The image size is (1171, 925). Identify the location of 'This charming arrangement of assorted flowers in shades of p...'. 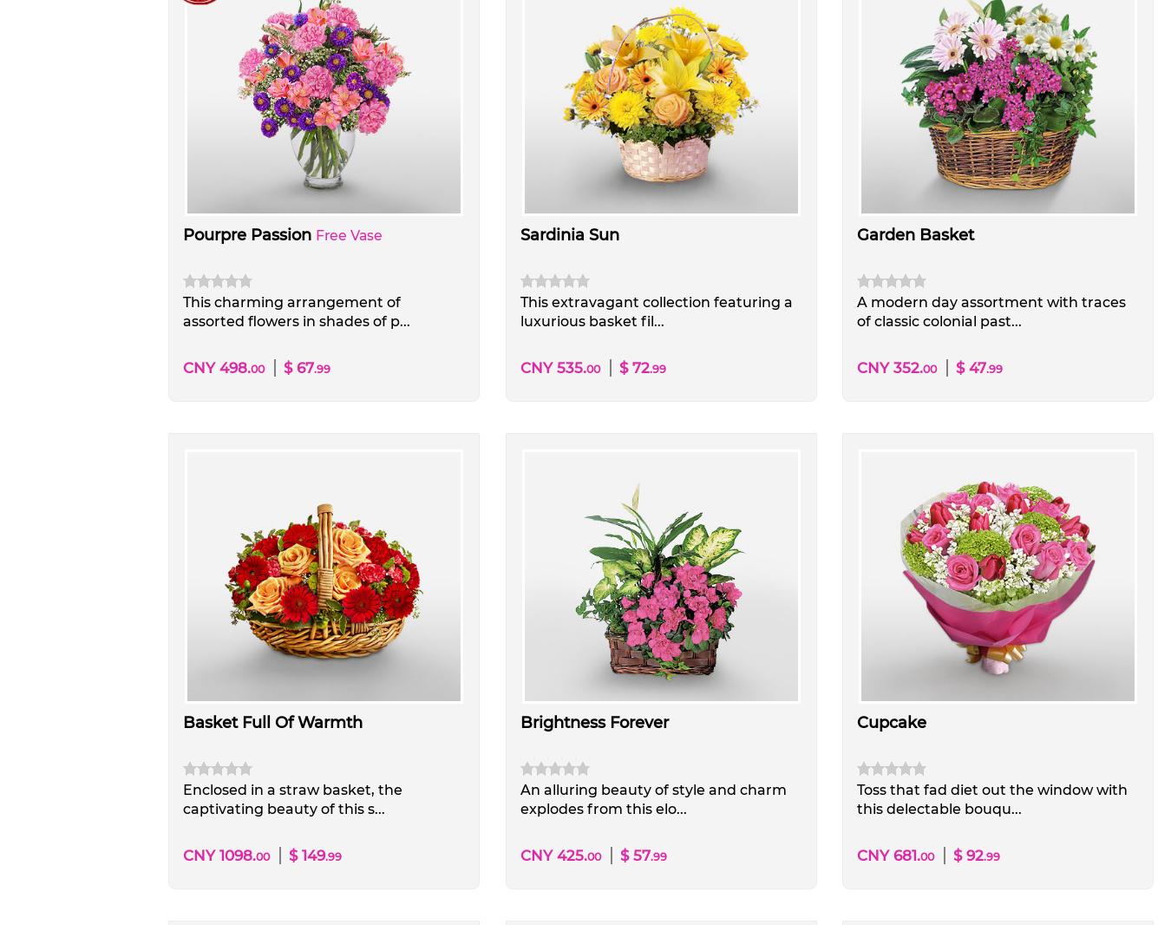
(296, 311).